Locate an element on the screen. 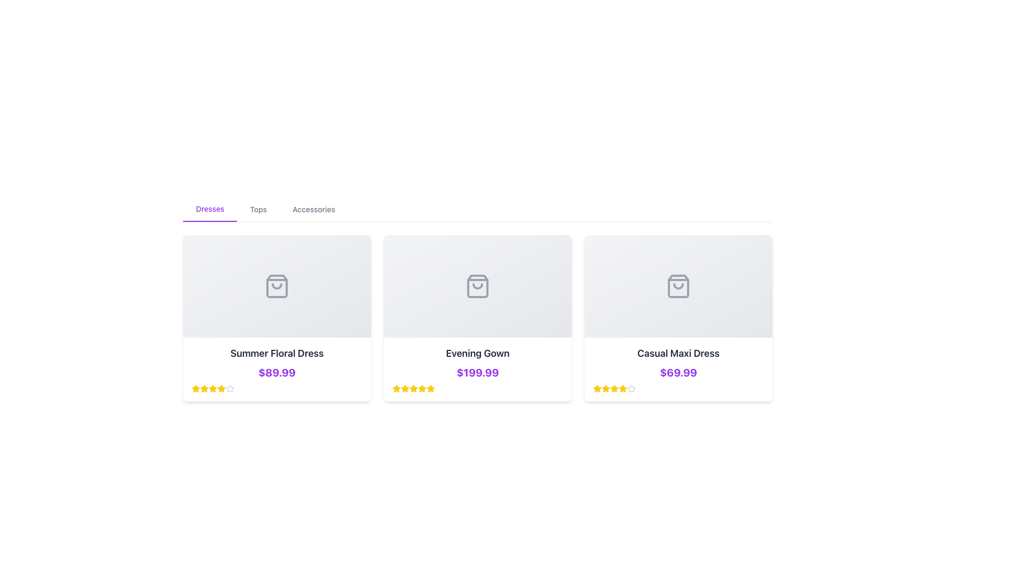  the third star icon in the rating system for the product 'Evening Gown' is located at coordinates (404, 389).